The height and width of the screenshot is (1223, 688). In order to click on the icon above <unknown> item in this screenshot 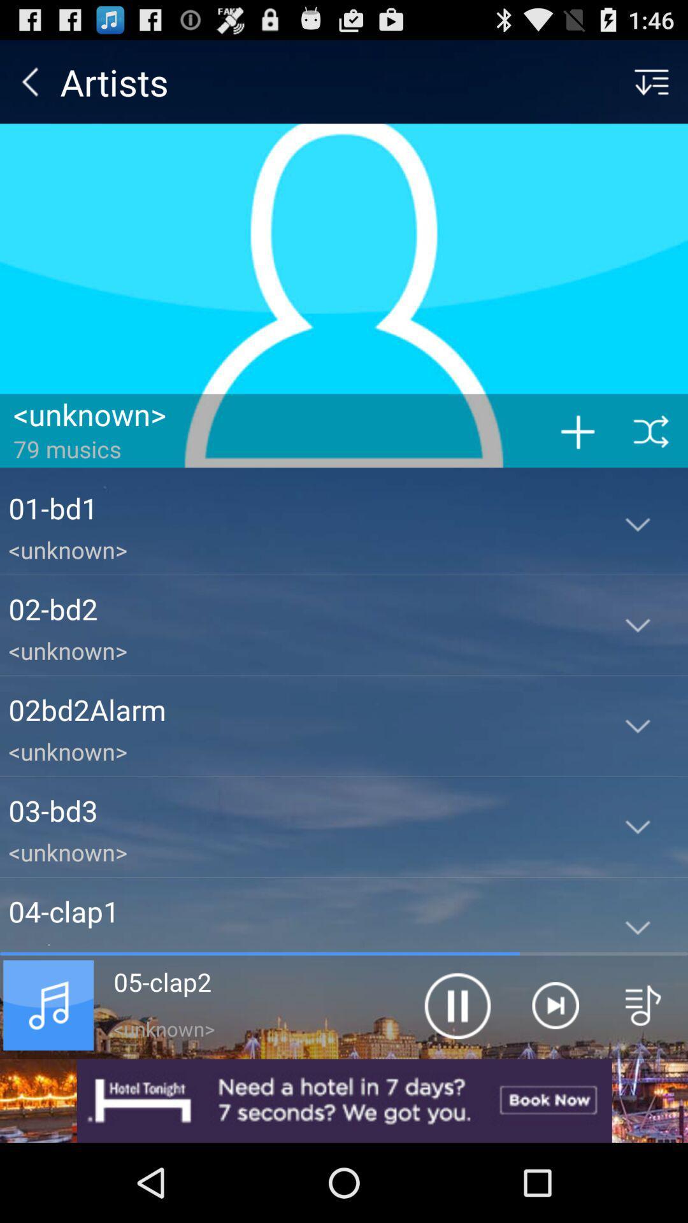, I will do `click(297, 709)`.